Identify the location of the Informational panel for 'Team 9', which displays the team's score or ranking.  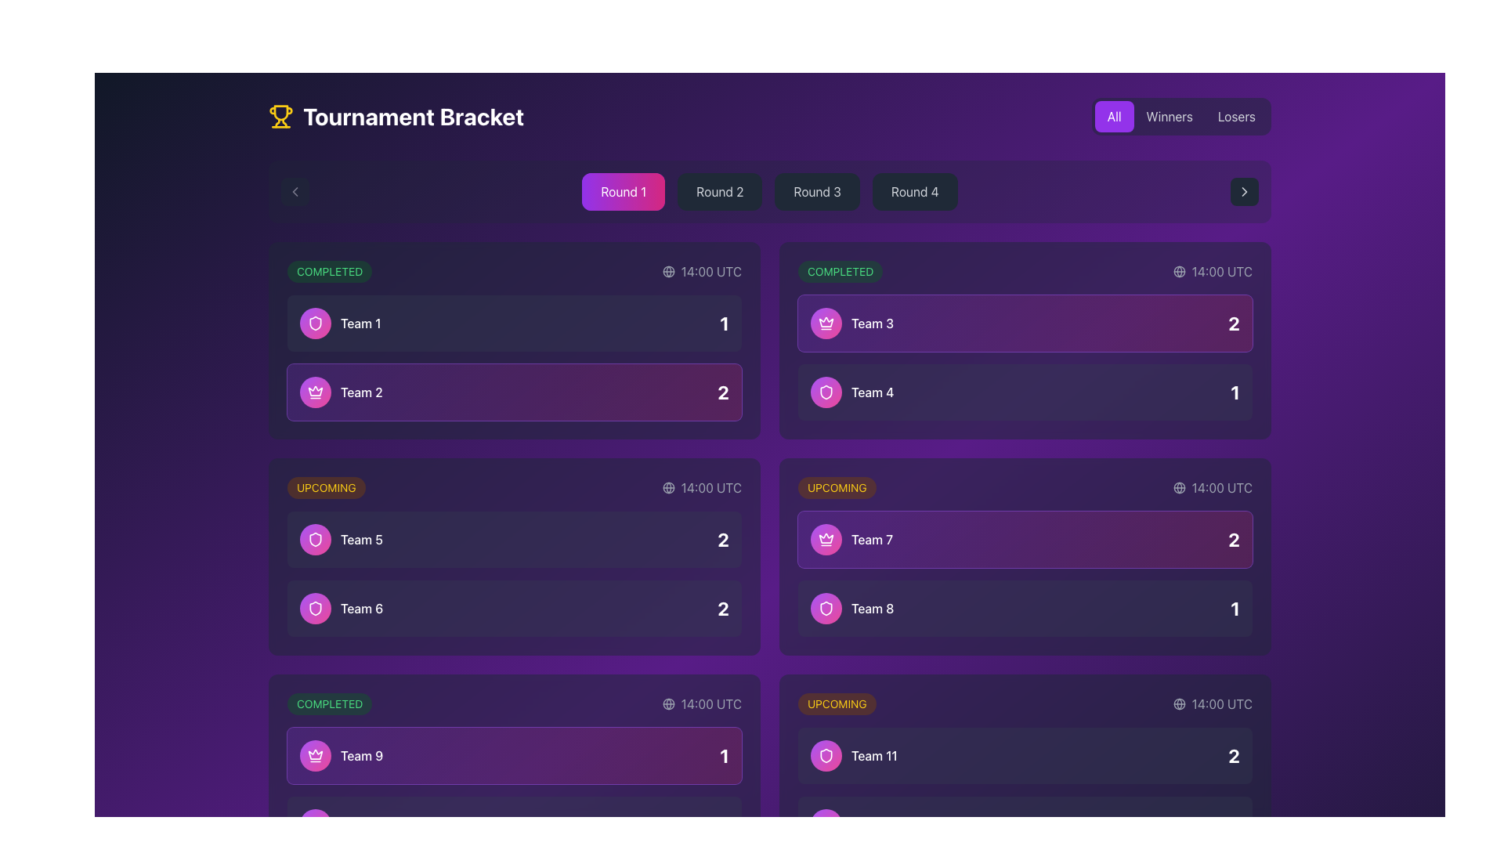
(515, 754).